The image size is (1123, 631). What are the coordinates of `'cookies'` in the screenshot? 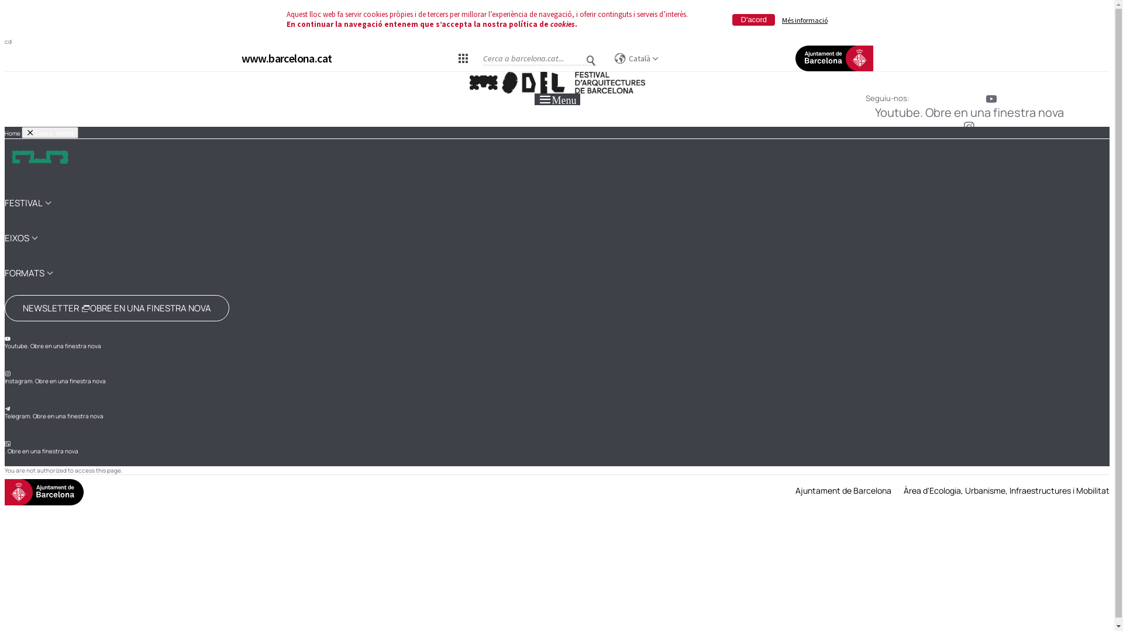 It's located at (562, 24).